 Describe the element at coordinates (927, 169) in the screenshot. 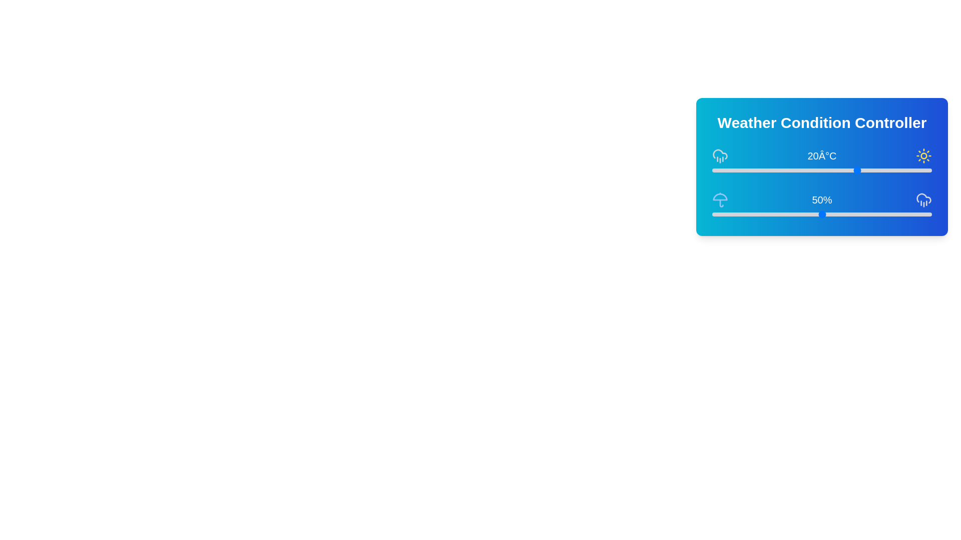

I see `the temperature slider to 39°C` at that location.